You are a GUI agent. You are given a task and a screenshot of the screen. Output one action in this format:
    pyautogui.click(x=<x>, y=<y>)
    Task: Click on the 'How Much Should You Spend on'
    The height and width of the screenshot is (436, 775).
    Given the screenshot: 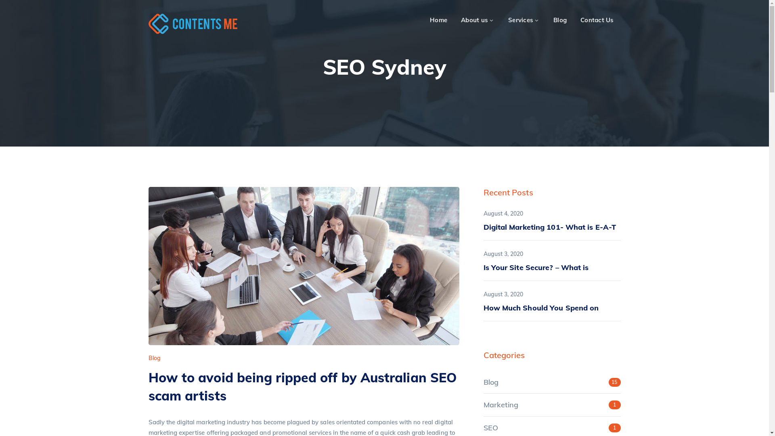 What is the action you would take?
    pyautogui.click(x=541, y=308)
    